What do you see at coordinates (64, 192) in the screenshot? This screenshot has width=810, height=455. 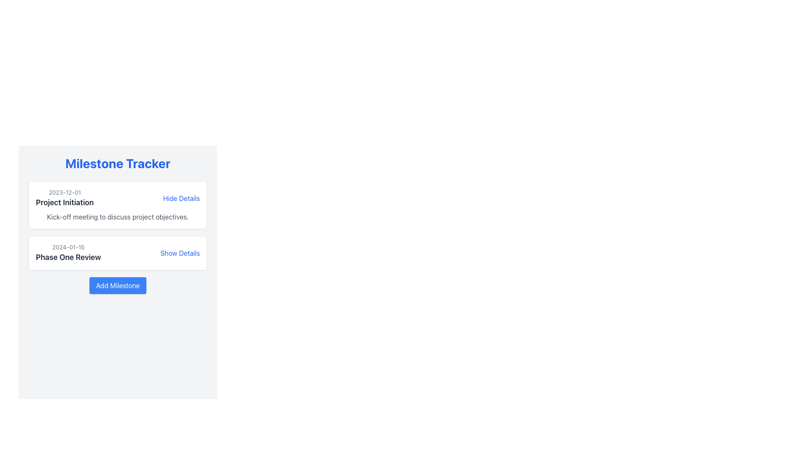 I see `the static text label displaying the date '2023-12-01', which is positioned above the title 'Project Initiation'` at bounding box center [64, 192].